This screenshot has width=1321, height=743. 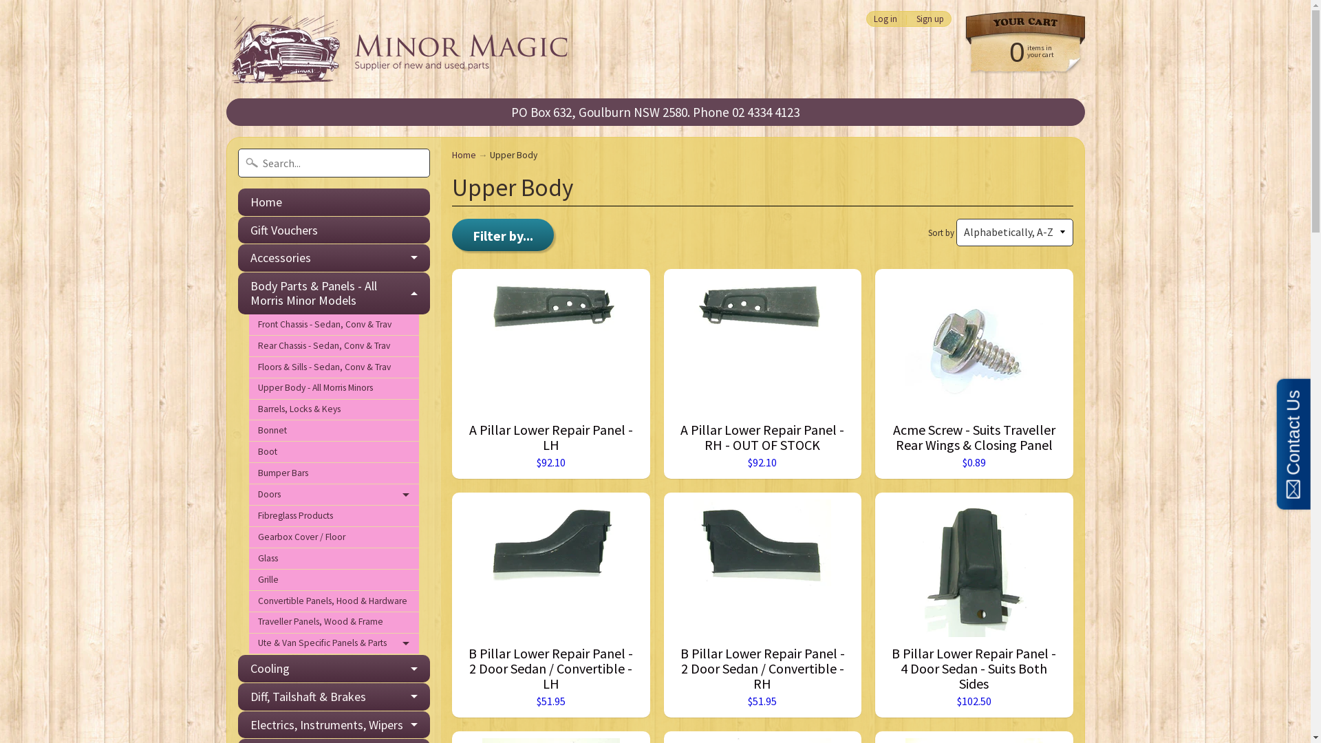 What do you see at coordinates (334, 325) in the screenshot?
I see `'Front Chassis - Sedan, Conv & Trav'` at bounding box center [334, 325].